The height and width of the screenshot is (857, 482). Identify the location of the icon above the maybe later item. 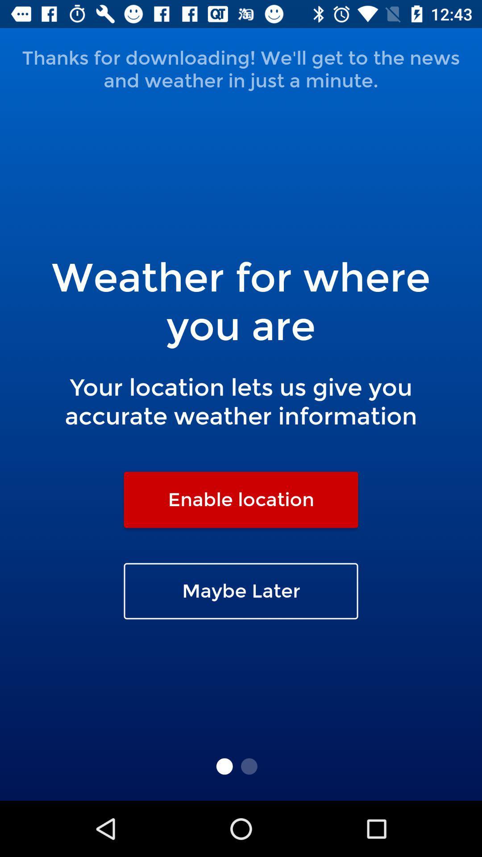
(241, 499).